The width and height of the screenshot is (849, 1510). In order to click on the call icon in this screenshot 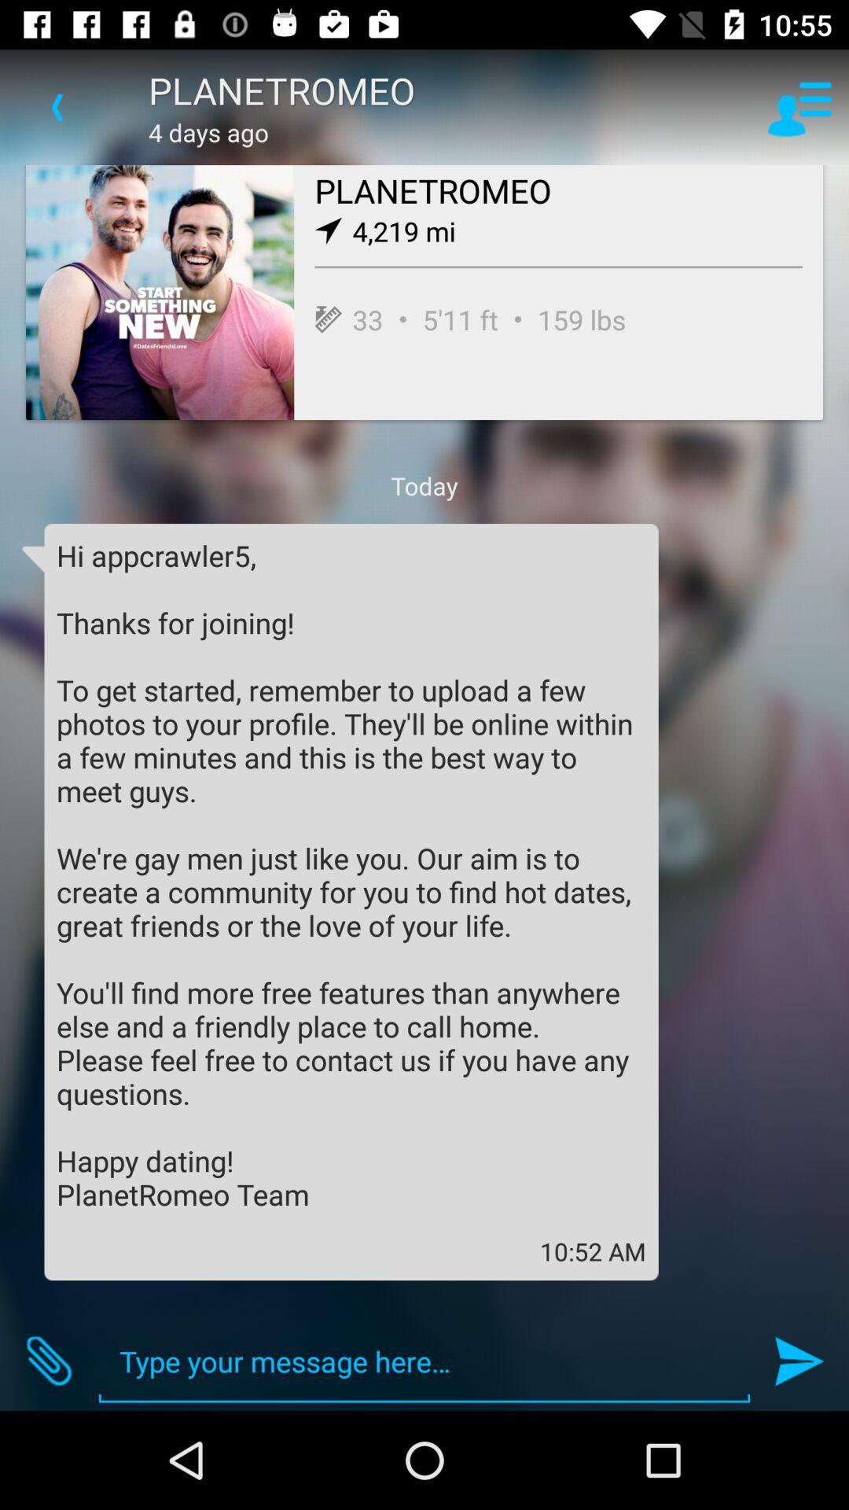, I will do `click(48, 1361)`.